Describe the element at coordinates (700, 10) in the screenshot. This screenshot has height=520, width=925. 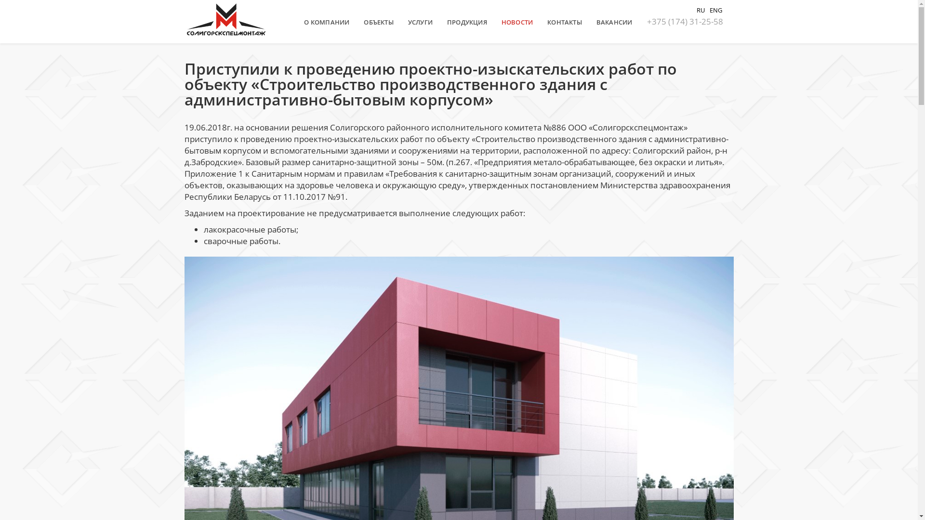
I see `'RU'` at that location.